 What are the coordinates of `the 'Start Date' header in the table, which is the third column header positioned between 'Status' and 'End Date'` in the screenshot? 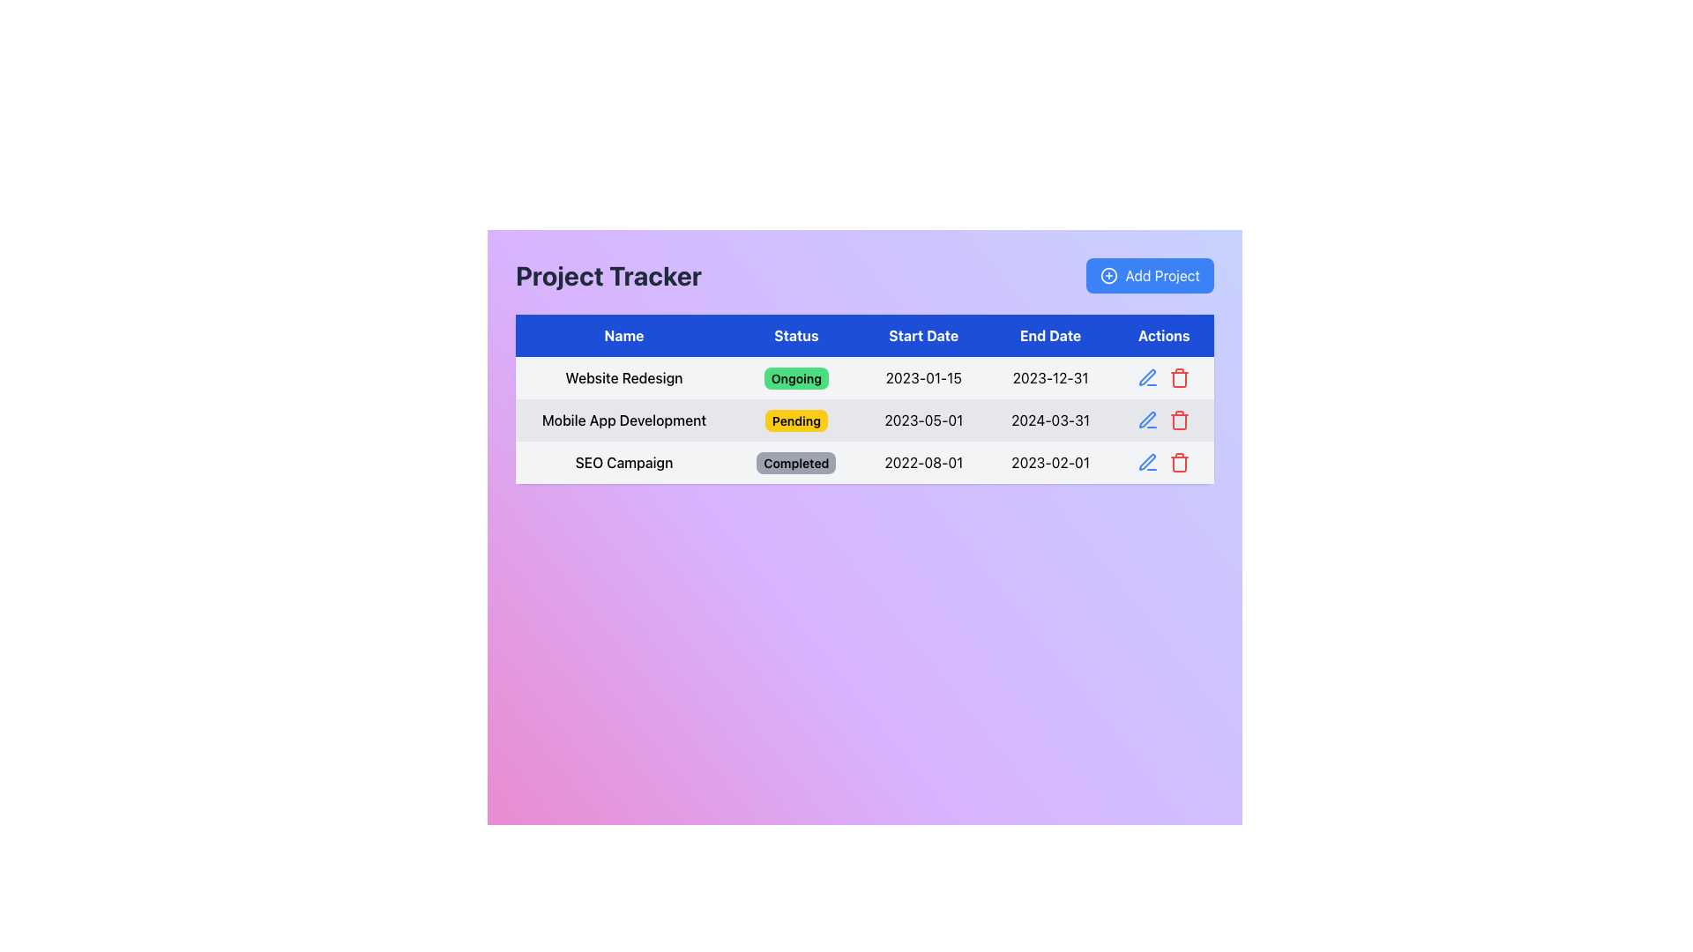 It's located at (922, 336).